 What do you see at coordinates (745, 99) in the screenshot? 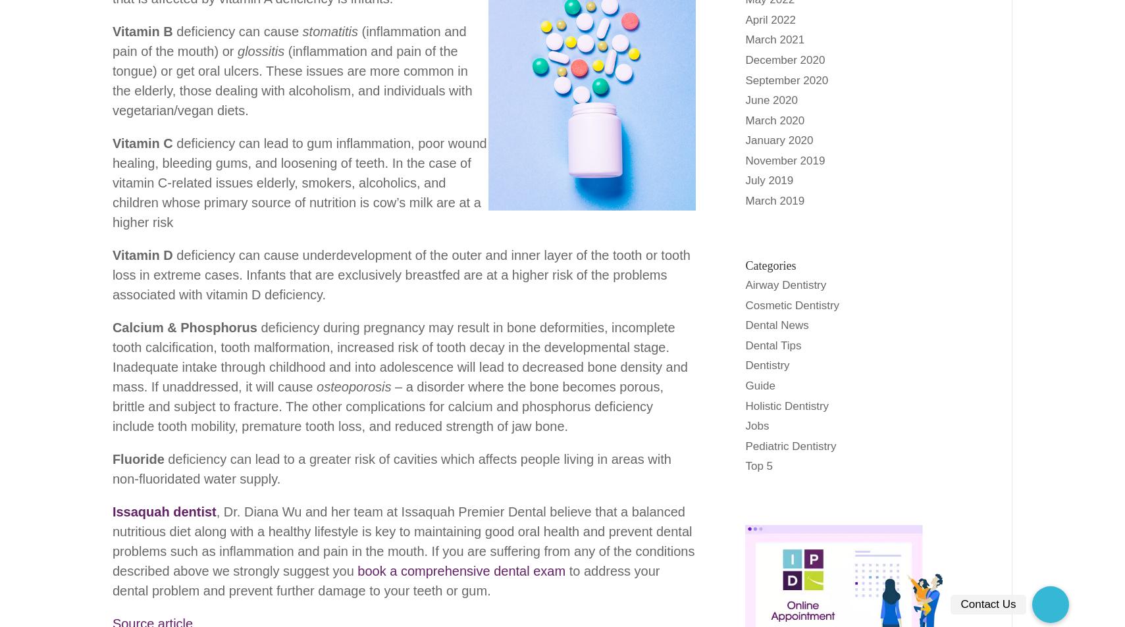
I see `'June 2020'` at bounding box center [745, 99].